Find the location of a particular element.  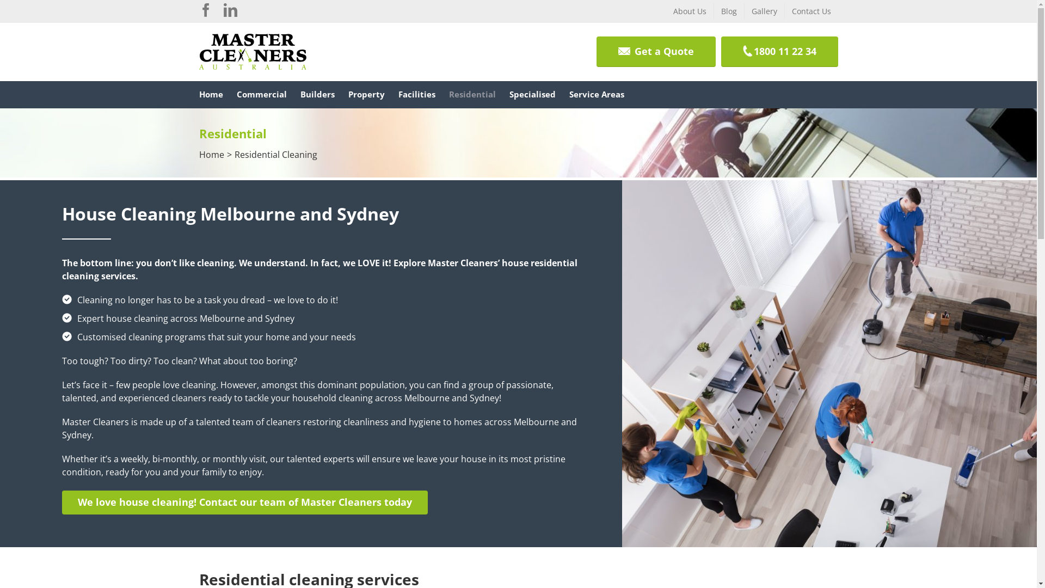

'Commercial' is located at coordinates (261, 94).